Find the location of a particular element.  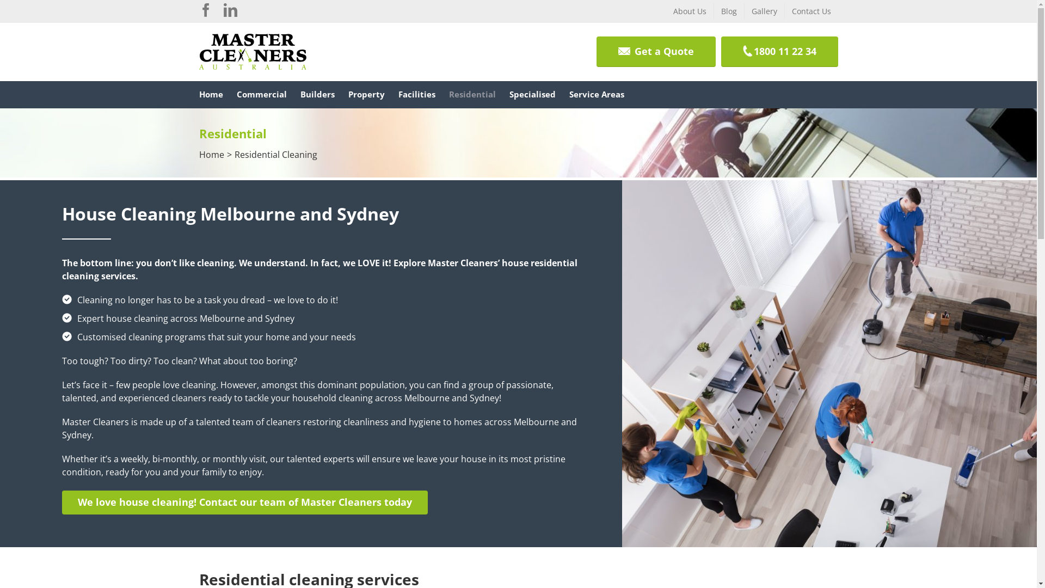

'Commercial' is located at coordinates (261, 94).